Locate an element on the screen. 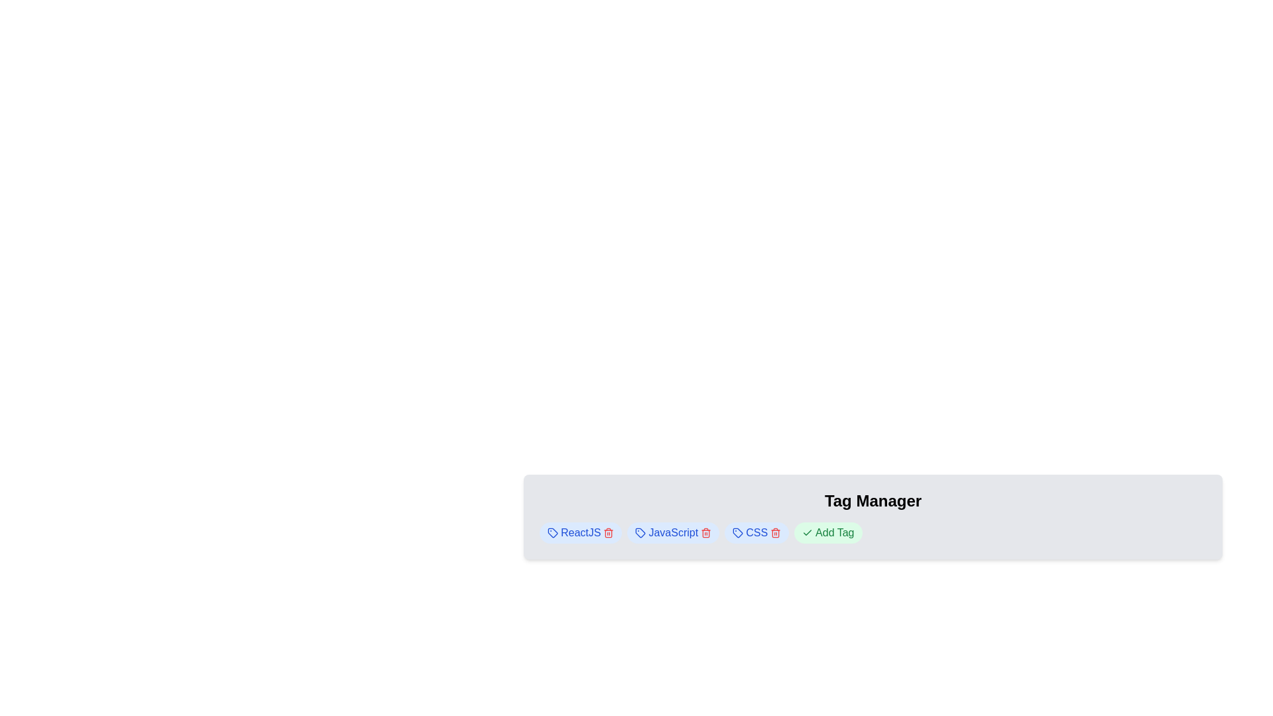 Image resolution: width=1273 pixels, height=716 pixels. the label/tag element that is positioned between 'ReactJS' and 'CSS' in the horizontal list of tags is located at coordinates (673, 532).